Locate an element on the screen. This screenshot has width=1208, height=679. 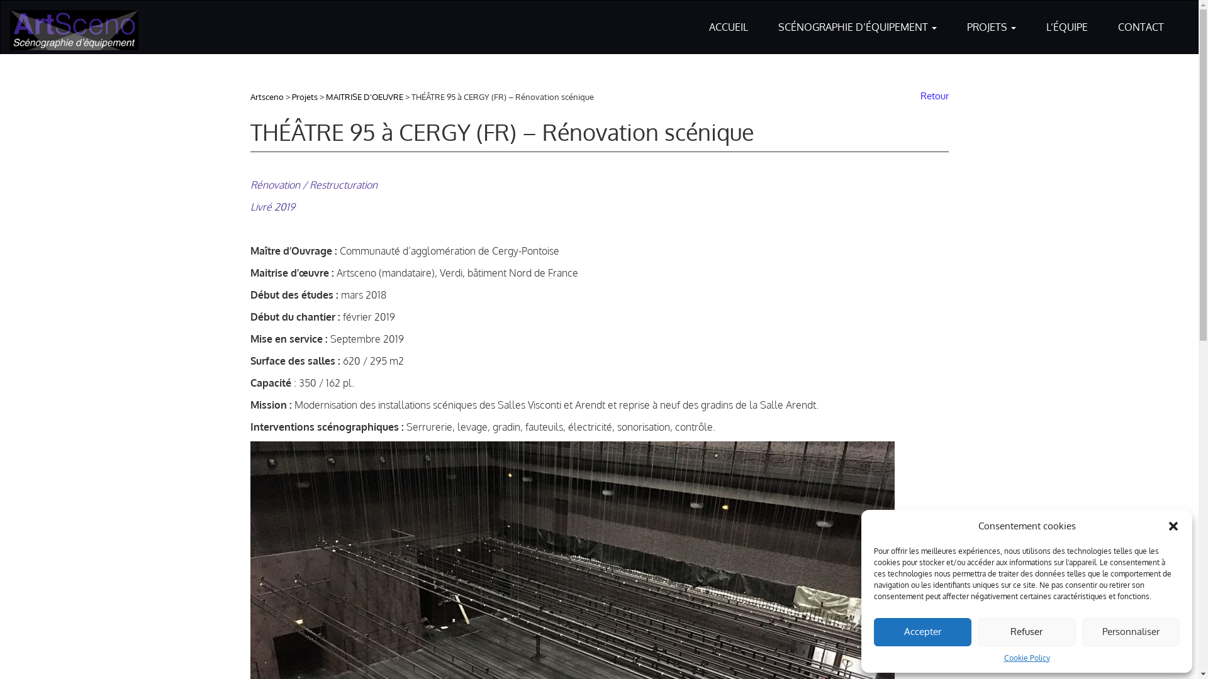
'Accepter' is located at coordinates (922, 632).